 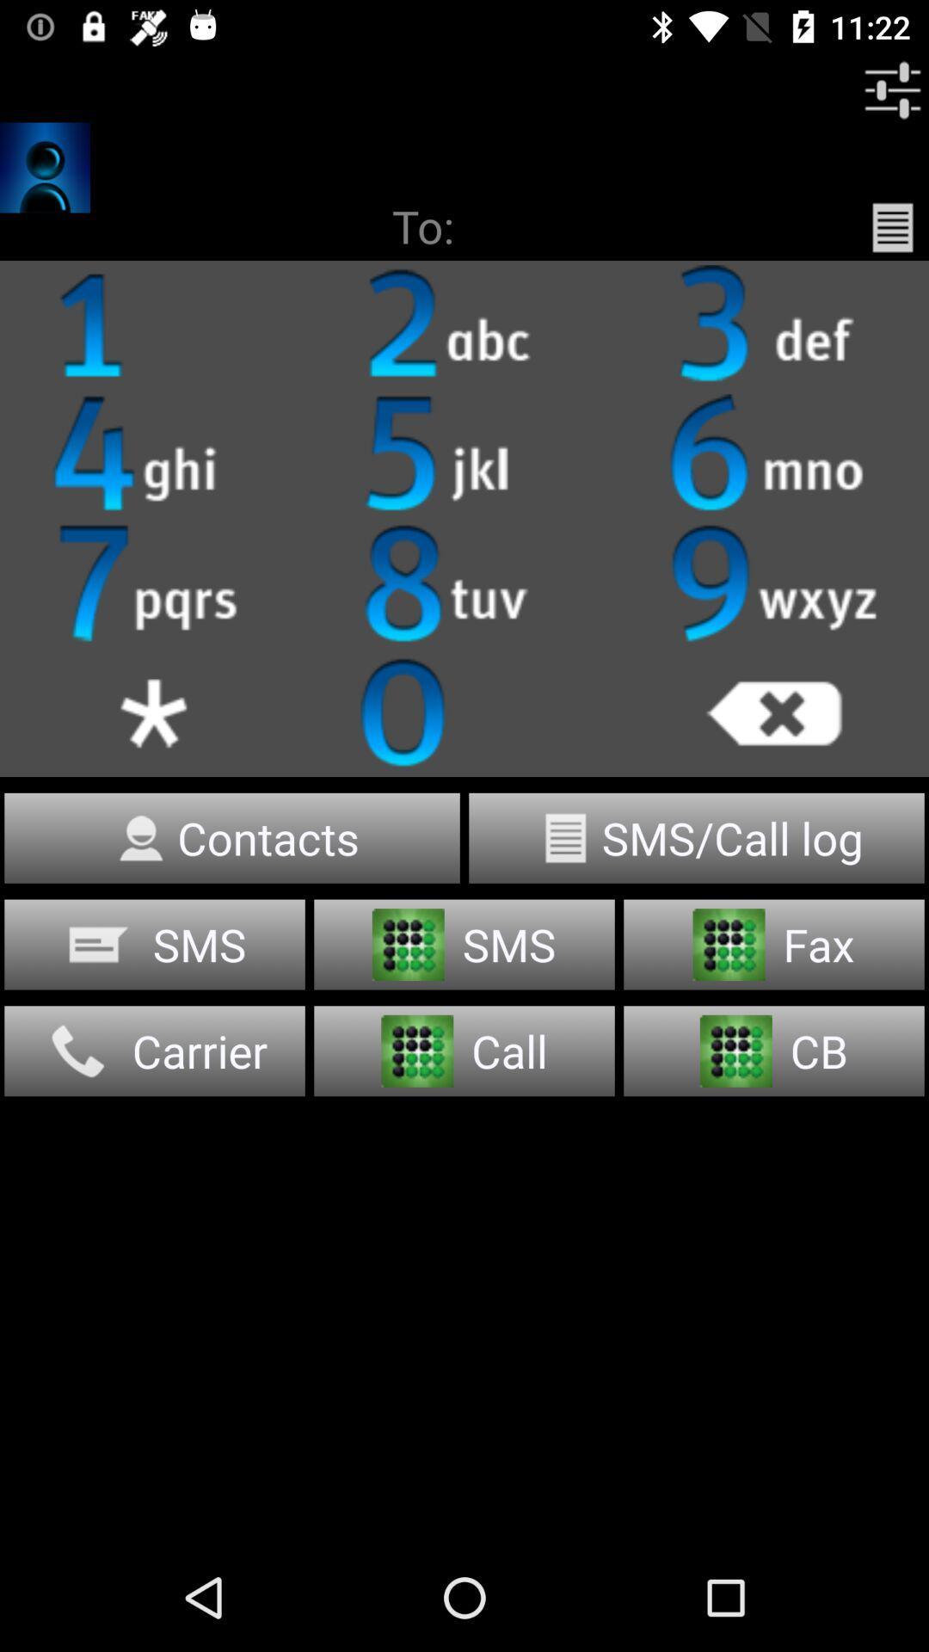 What do you see at coordinates (772, 944) in the screenshot?
I see `the text fax` at bounding box center [772, 944].